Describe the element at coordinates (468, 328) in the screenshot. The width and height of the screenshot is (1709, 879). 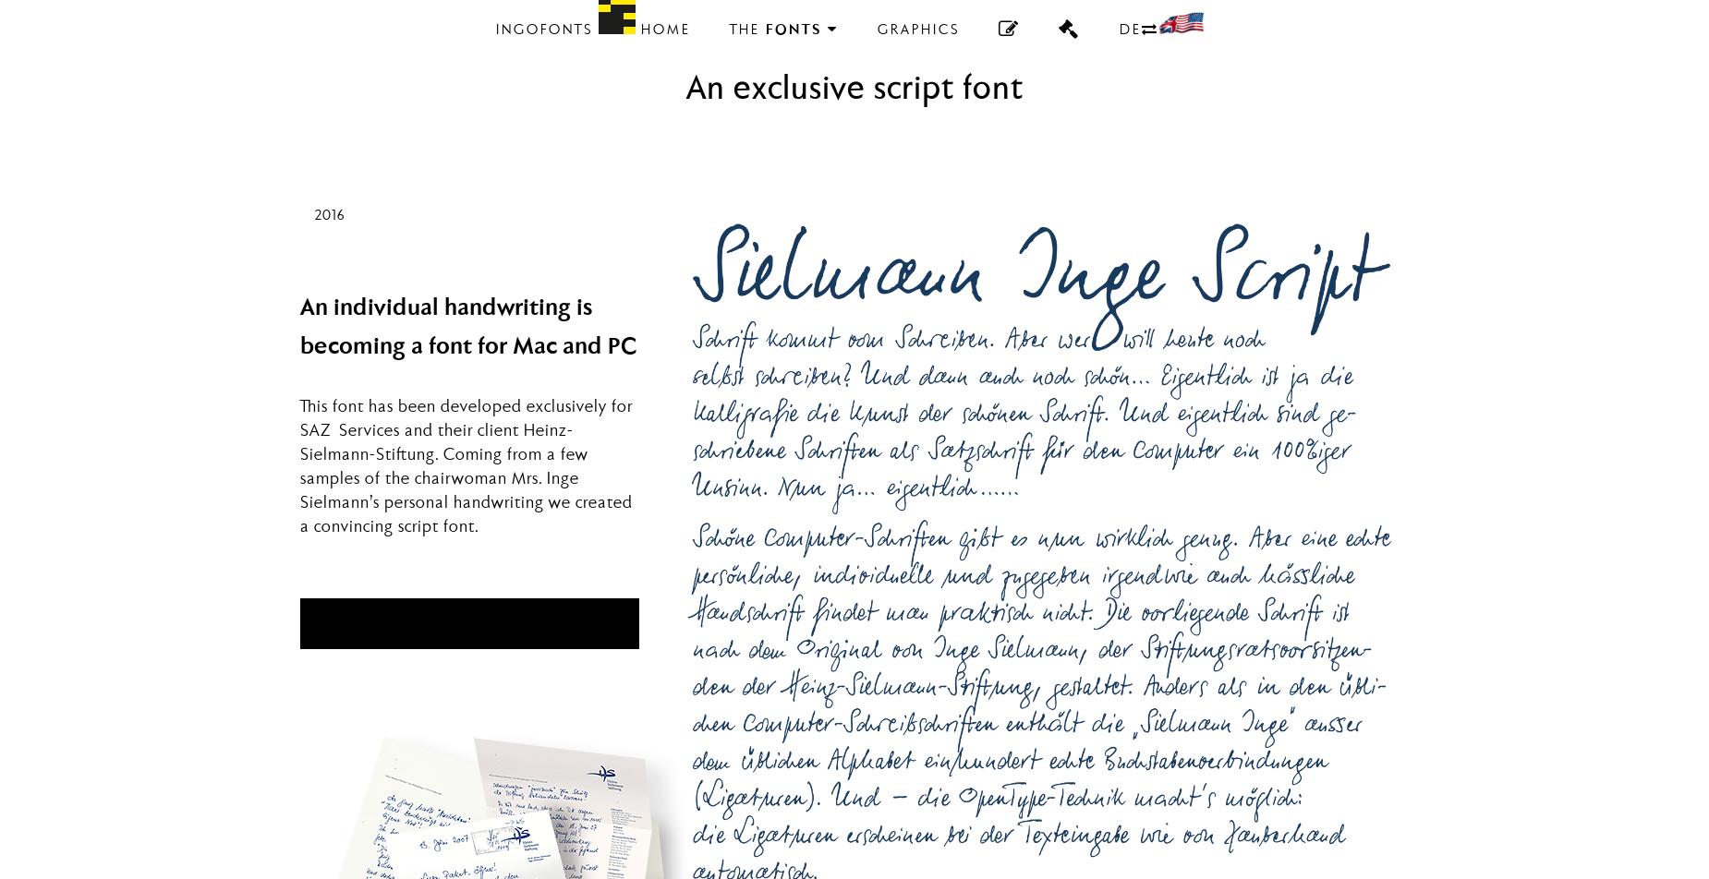
I see `'An individual handwriting is becoming a font for Mac and PC'` at that location.